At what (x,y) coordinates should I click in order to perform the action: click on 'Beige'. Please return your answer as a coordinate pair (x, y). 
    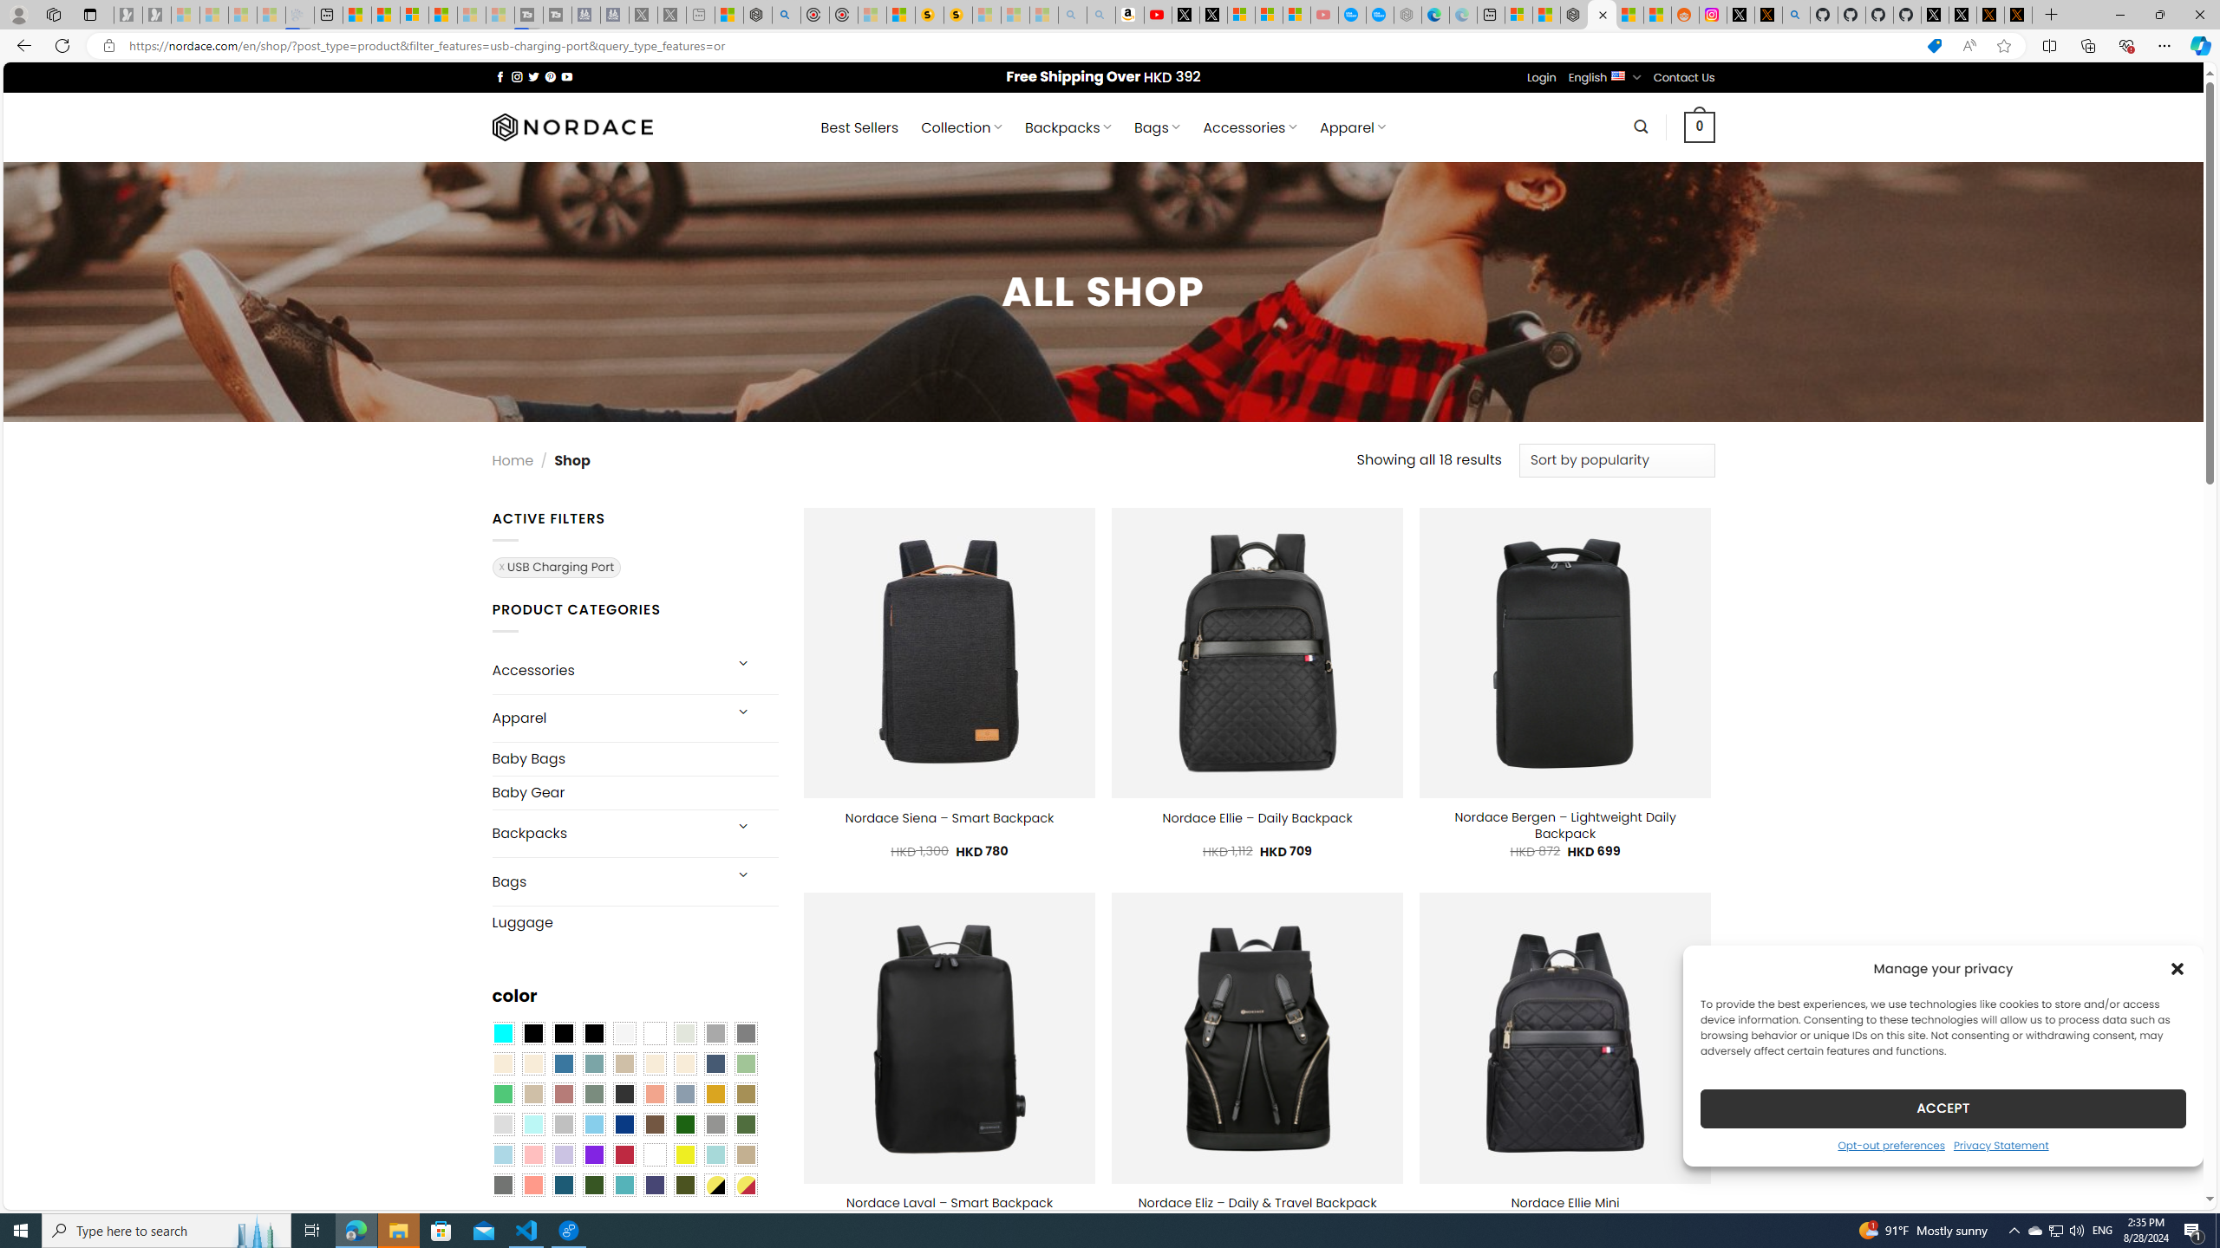
    Looking at the image, I should click on (501, 1064).